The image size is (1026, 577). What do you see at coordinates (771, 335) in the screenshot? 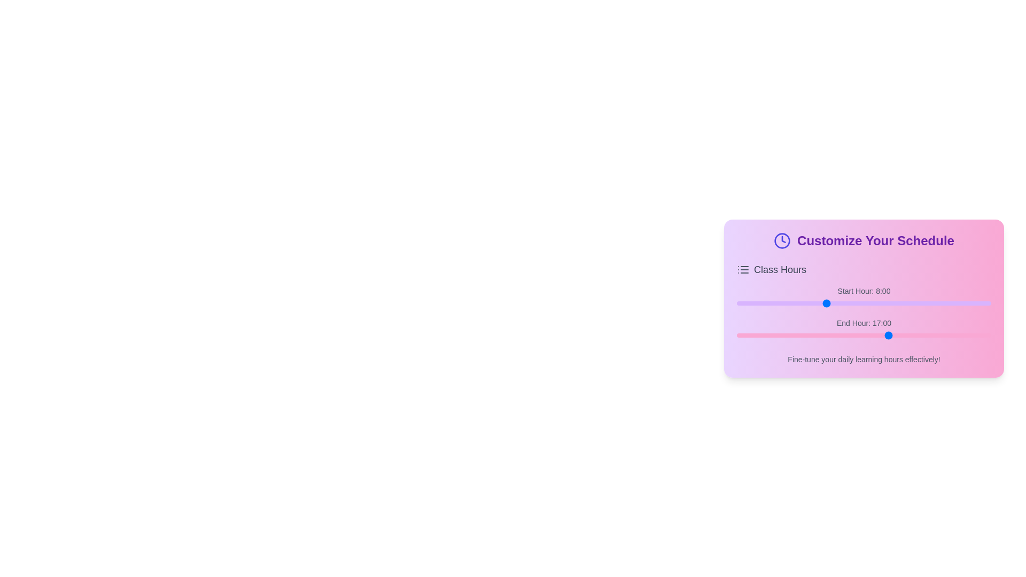
I see `the end hour slider to 10` at bounding box center [771, 335].